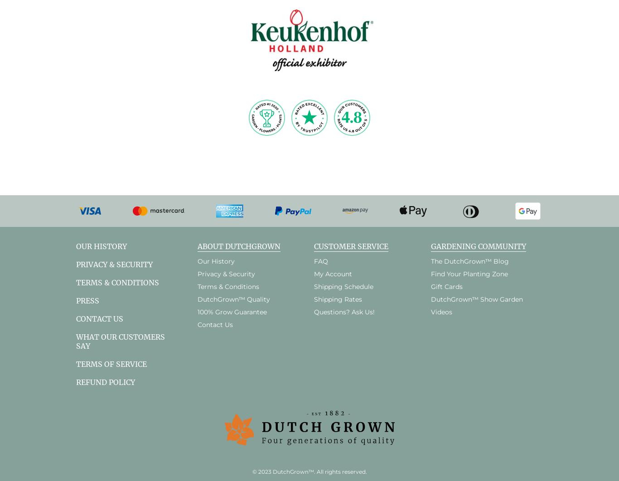 This screenshot has width=619, height=481. I want to click on 'Customer service', so click(351, 246).